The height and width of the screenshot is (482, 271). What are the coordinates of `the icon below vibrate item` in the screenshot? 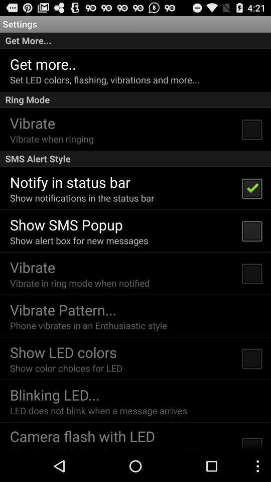 It's located at (79, 283).